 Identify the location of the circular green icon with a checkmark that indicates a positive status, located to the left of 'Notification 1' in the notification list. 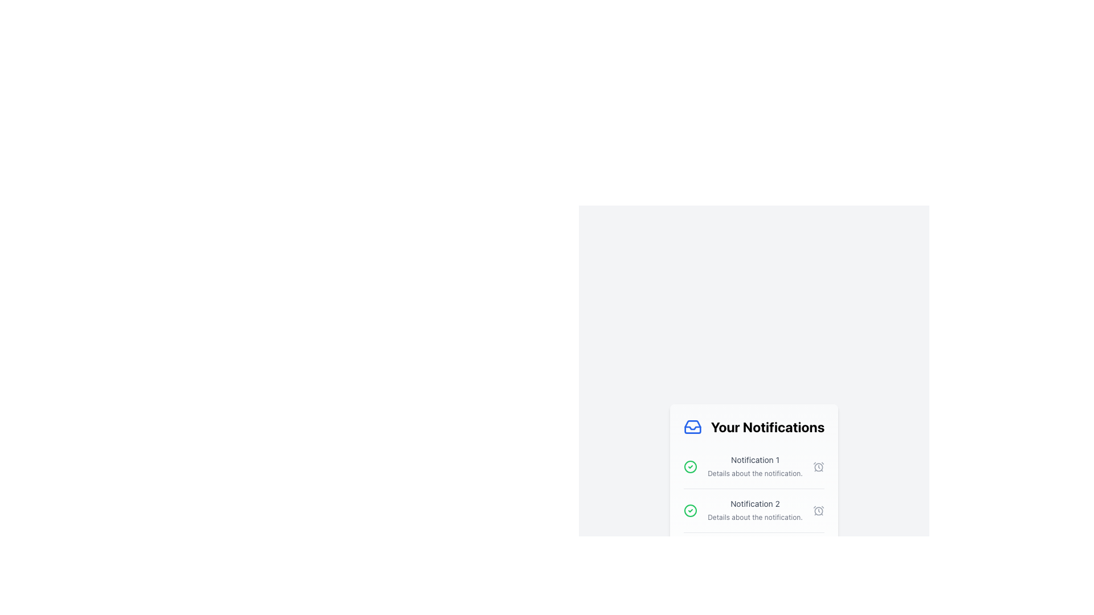
(689, 467).